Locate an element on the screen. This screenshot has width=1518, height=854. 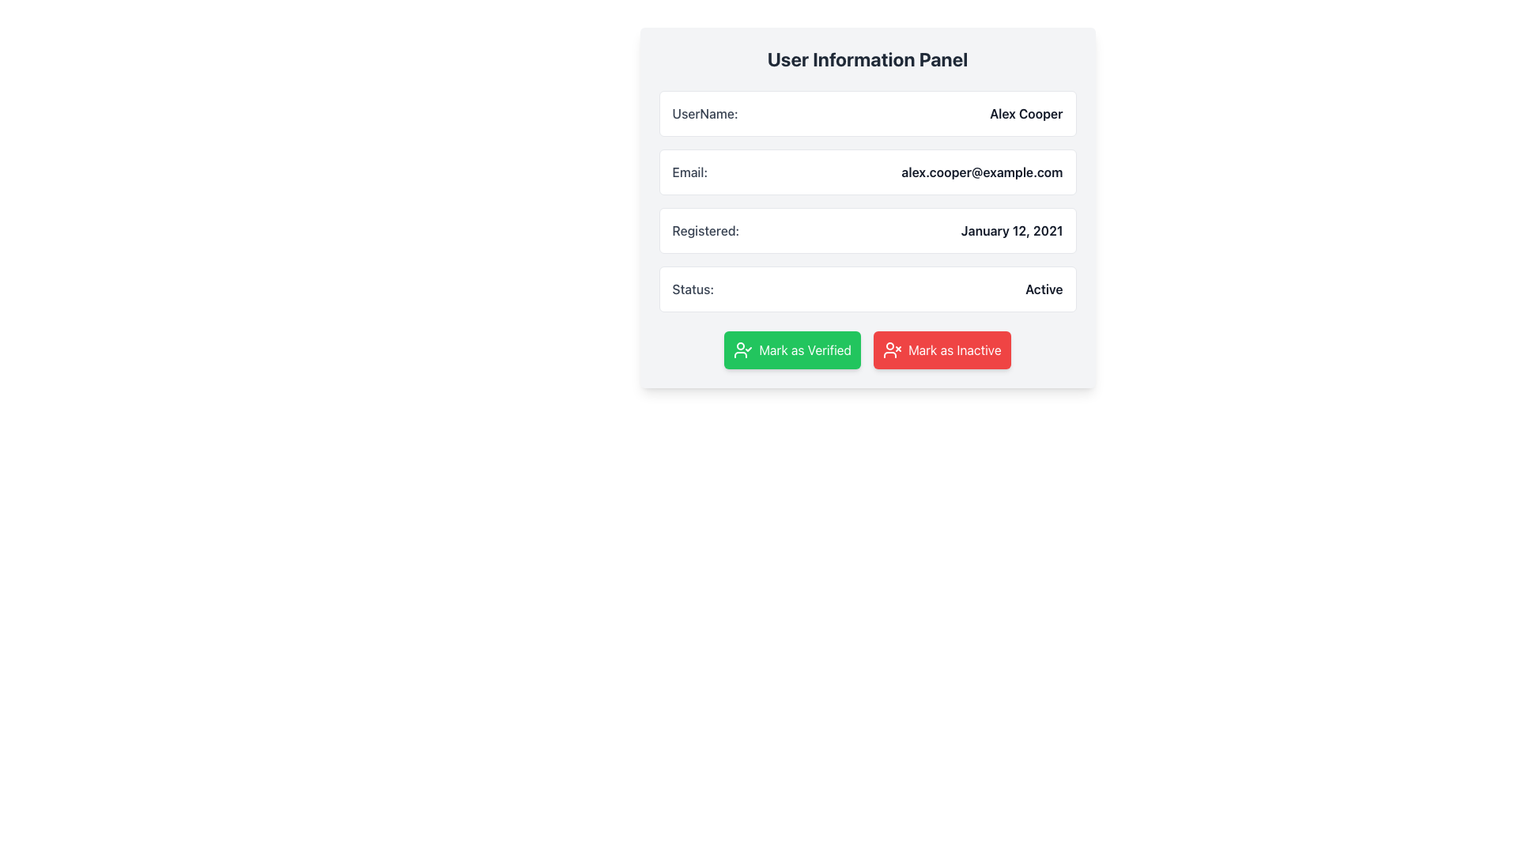
the static label text indicating the user registration date, located in the third row of the vertical panel is located at coordinates (704, 231).